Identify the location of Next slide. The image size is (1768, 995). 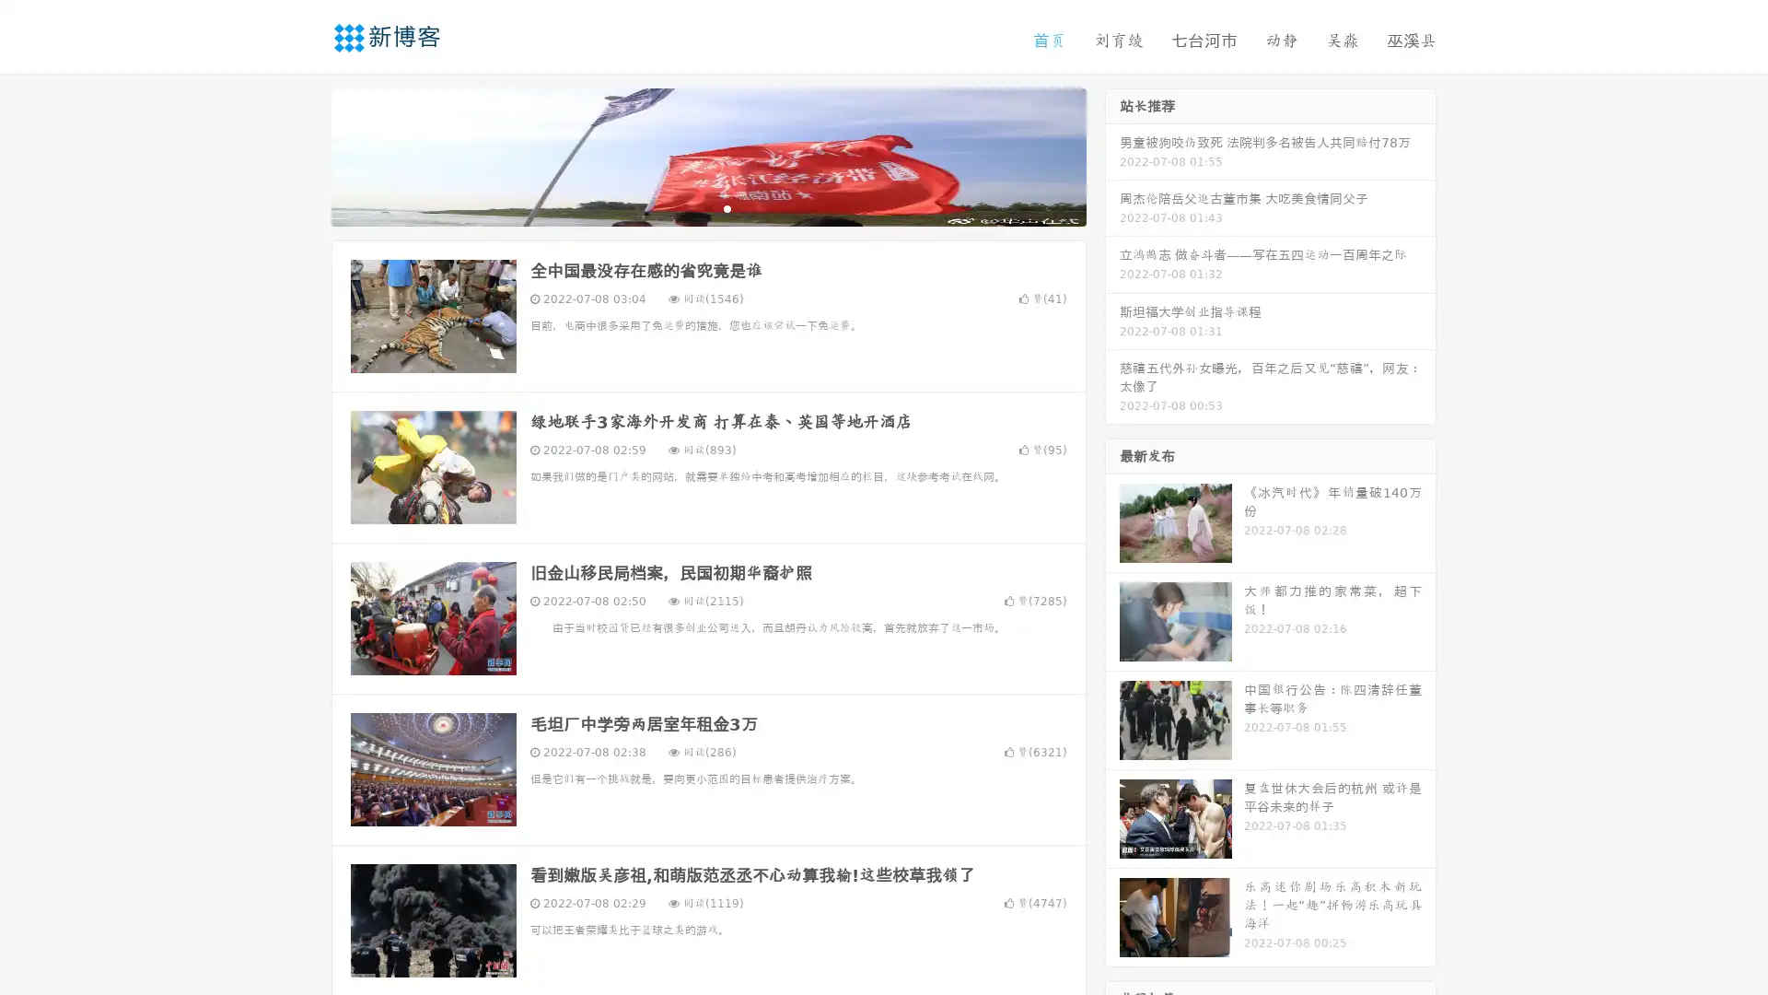
(1112, 155).